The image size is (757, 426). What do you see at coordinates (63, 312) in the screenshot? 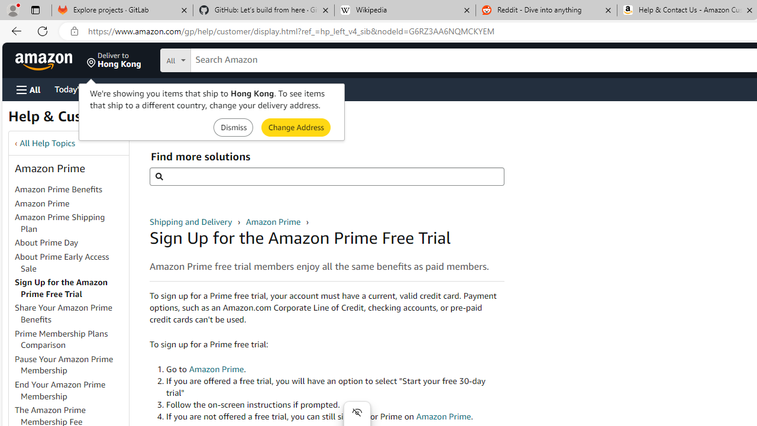
I see `'Share Your Amazon Prime Benefits'` at bounding box center [63, 312].